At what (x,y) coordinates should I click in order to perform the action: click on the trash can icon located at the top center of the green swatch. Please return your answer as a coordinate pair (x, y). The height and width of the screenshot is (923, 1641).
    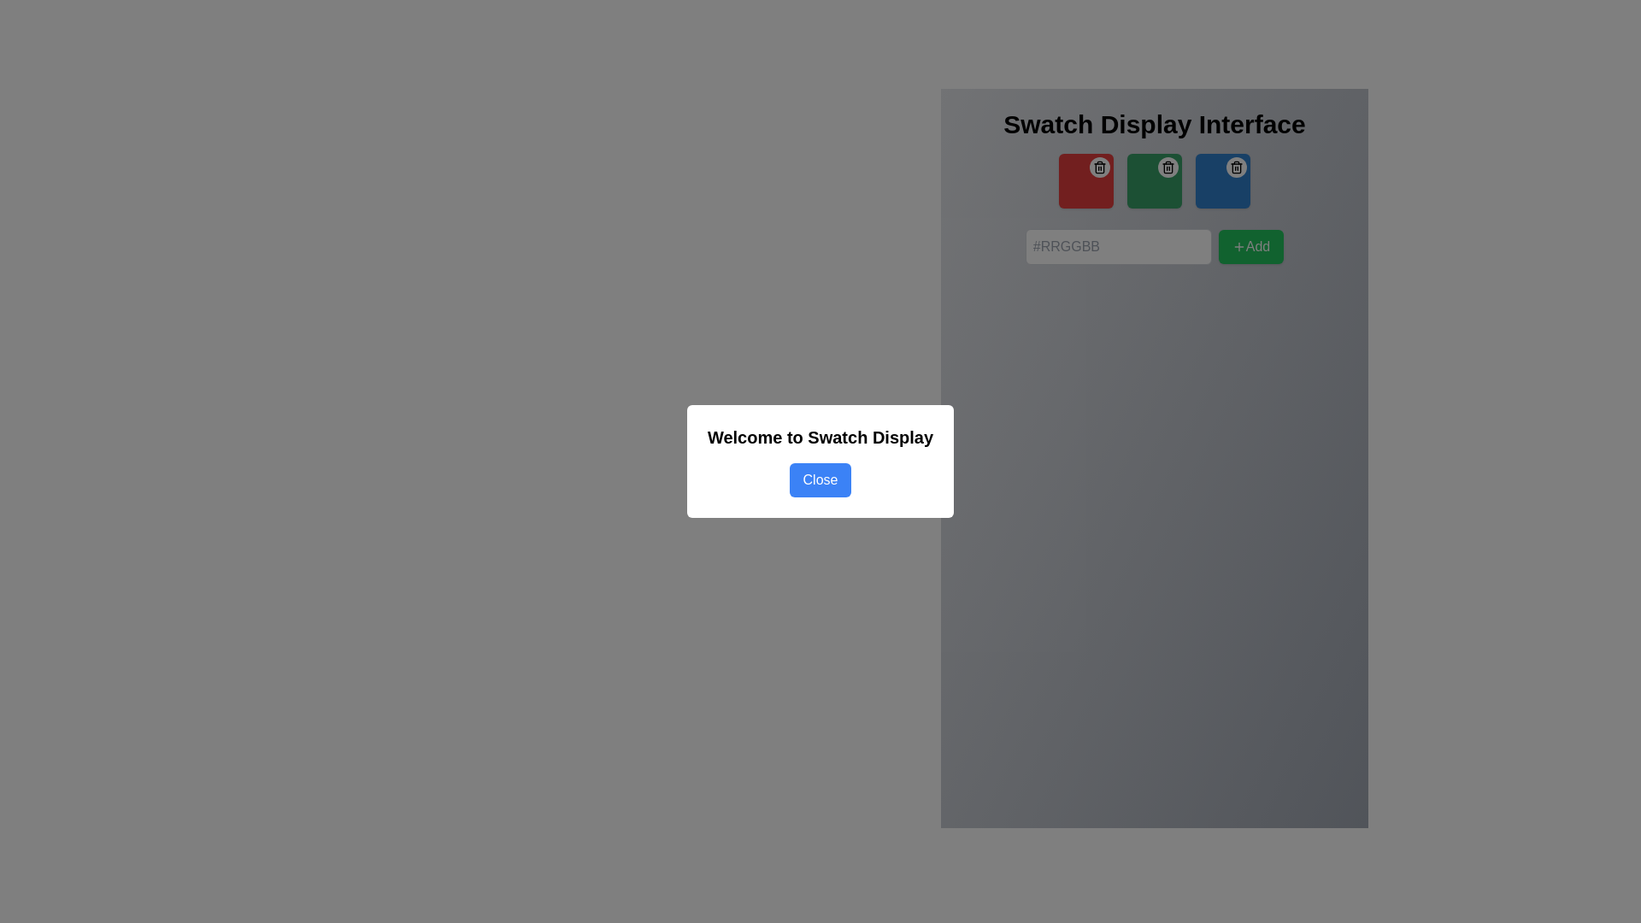
    Looking at the image, I should click on (1168, 168).